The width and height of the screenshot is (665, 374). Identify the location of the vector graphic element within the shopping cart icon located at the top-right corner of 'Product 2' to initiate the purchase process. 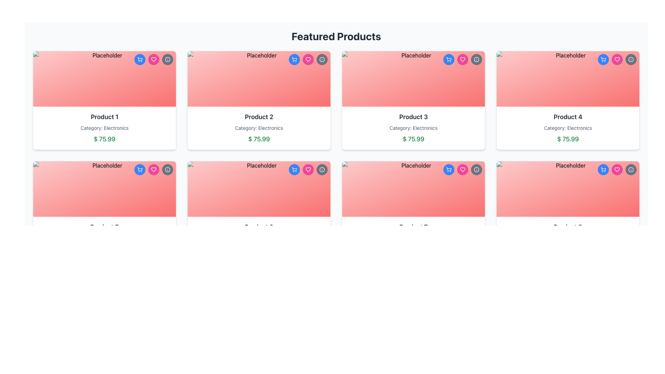
(294, 169).